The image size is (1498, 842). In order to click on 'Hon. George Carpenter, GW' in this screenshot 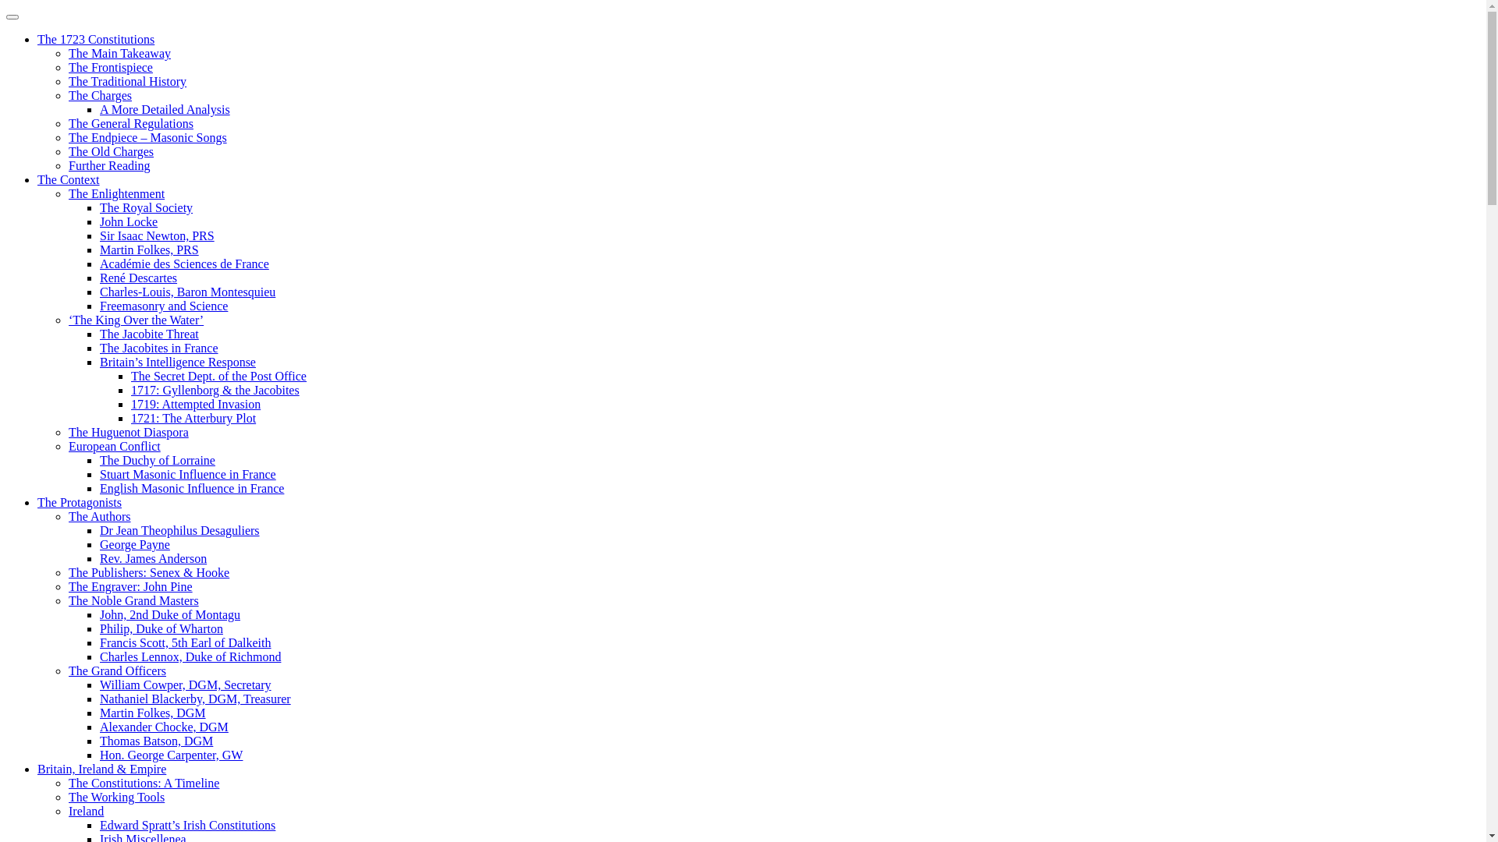, I will do `click(171, 754)`.